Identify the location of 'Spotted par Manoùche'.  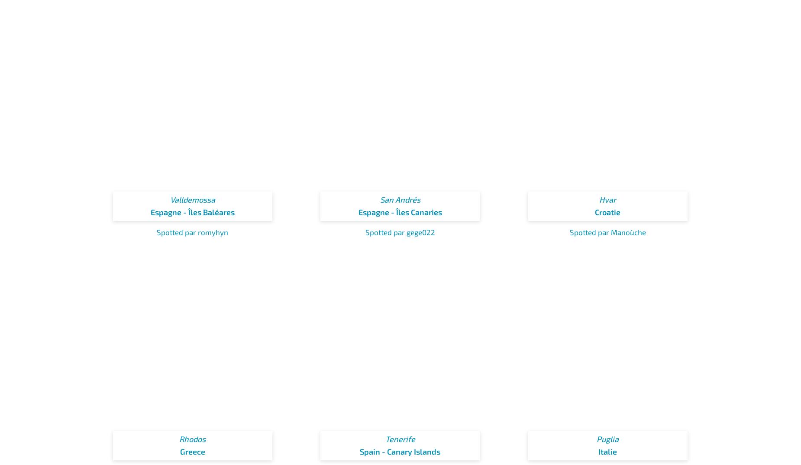
(568, 232).